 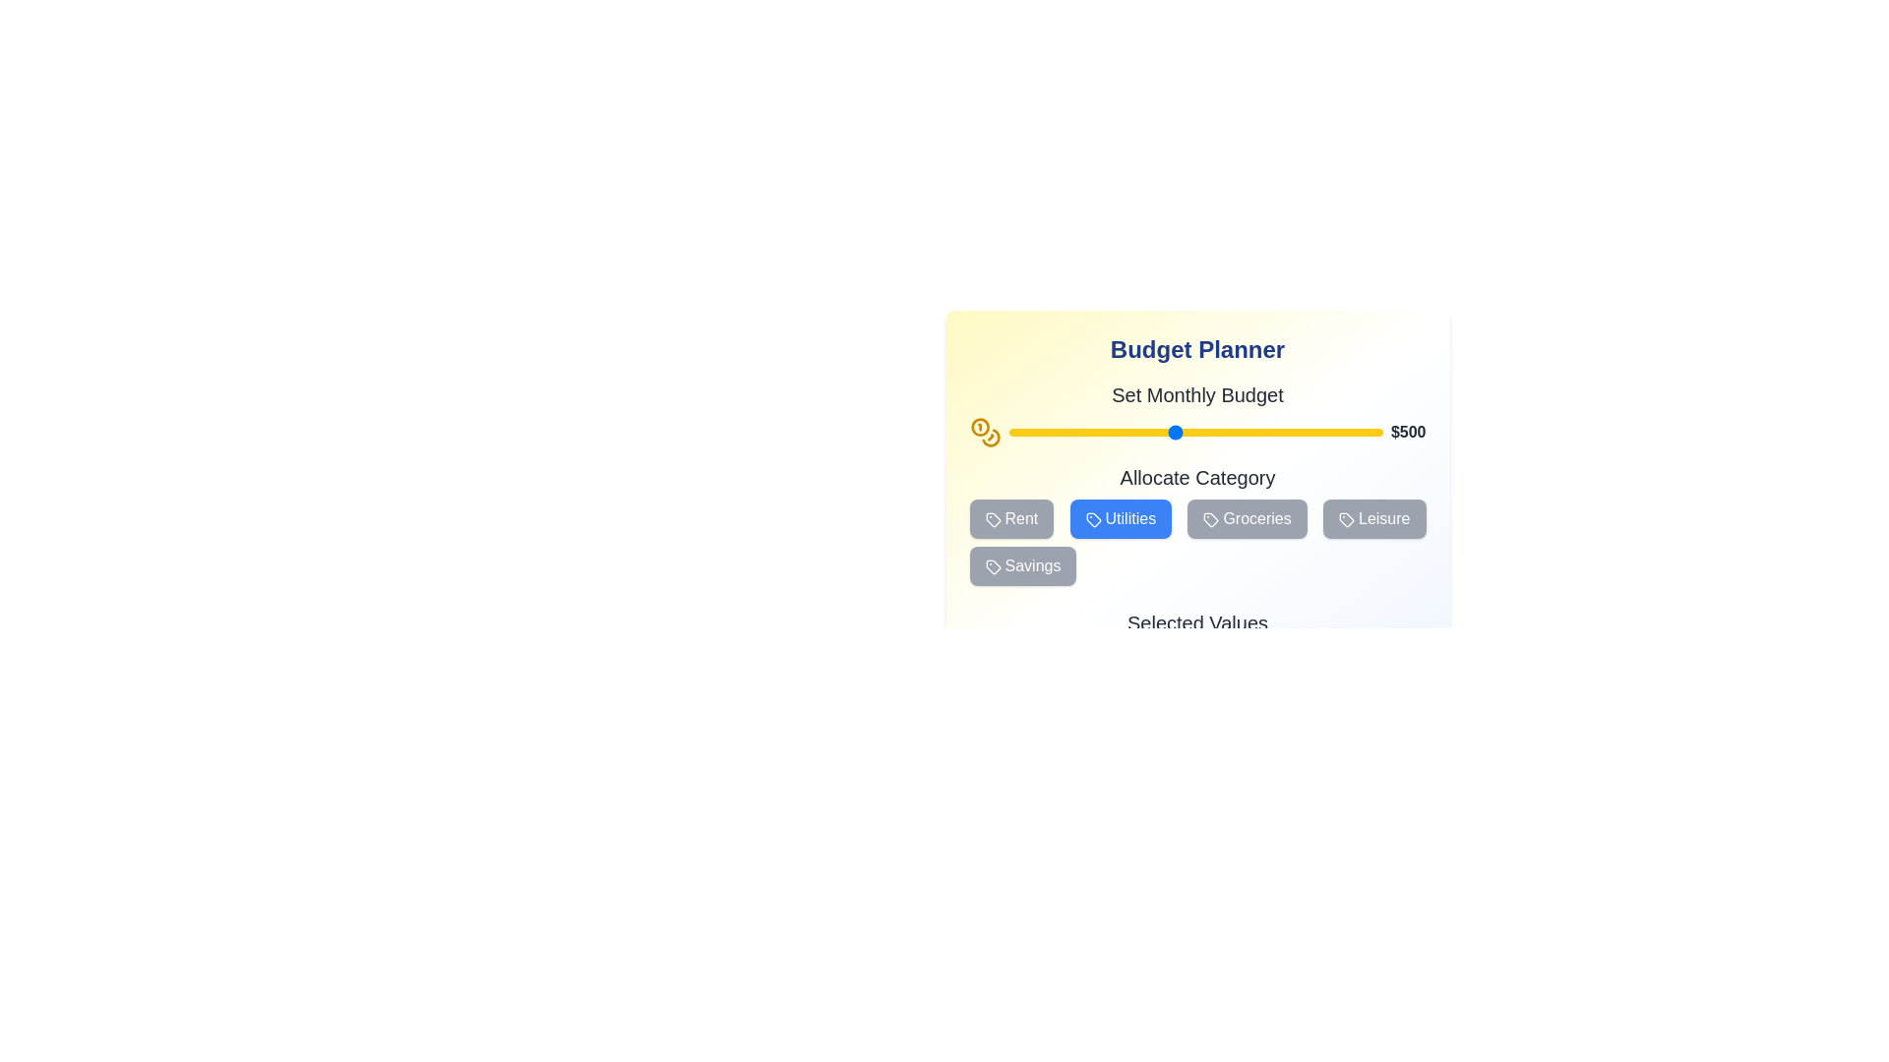 I want to click on the SVG circle component with a blue outline located at the bottom center of the budget planner card layout, so click(x=1283, y=664).